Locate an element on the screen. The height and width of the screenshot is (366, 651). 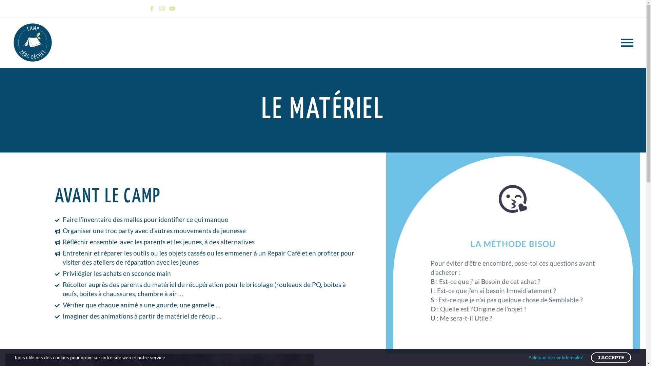
'Instagram' is located at coordinates (161, 8).